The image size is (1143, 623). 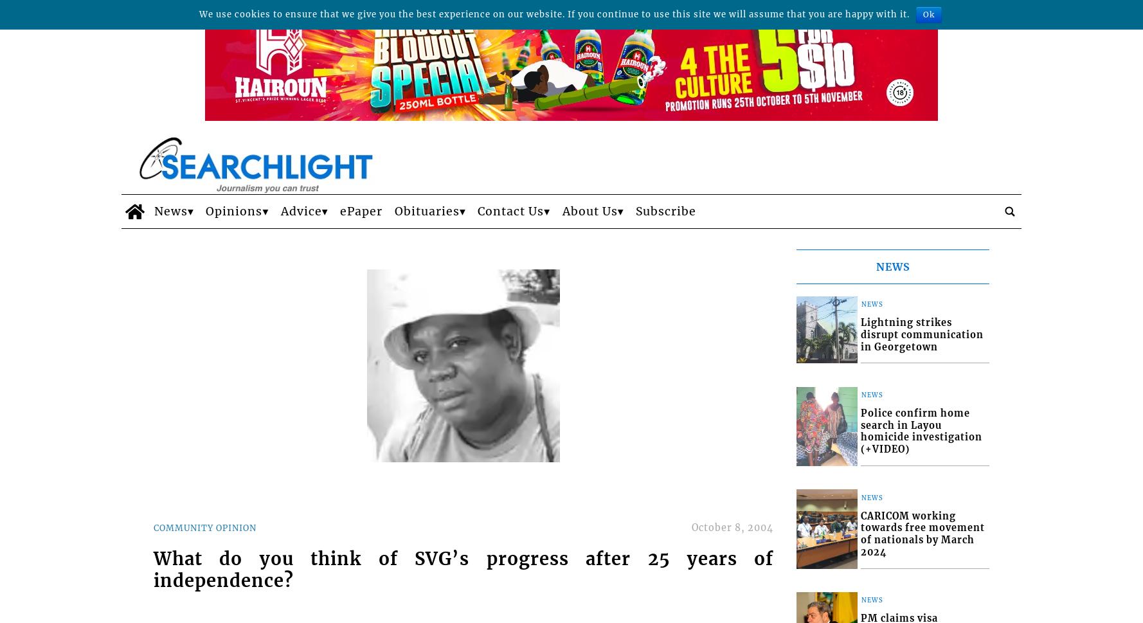 What do you see at coordinates (589, 210) in the screenshot?
I see `'About Us'` at bounding box center [589, 210].